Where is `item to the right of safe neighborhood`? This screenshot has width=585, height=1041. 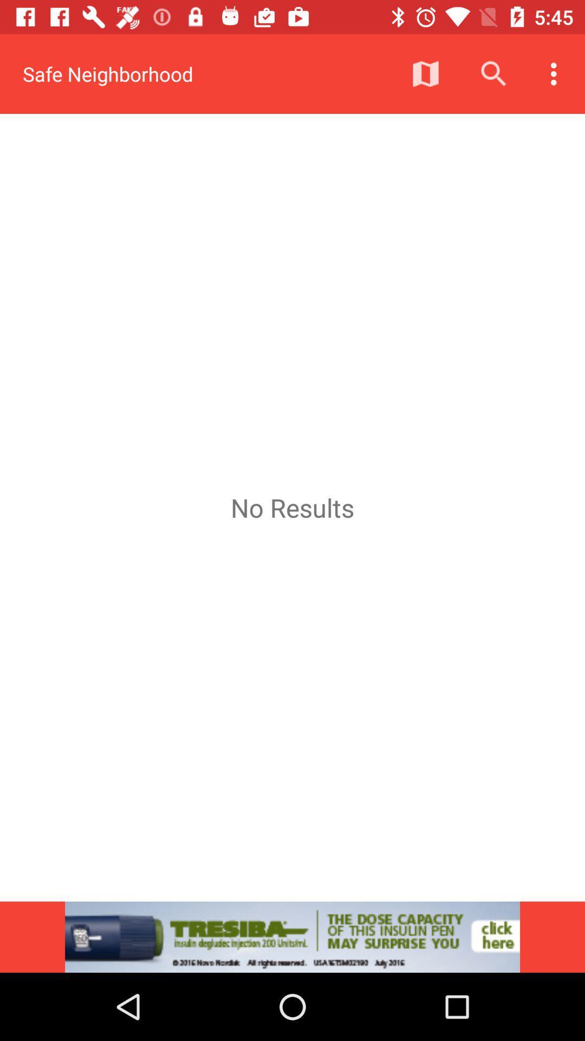 item to the right of safe neighborhood is located at coordinates (425, 73).